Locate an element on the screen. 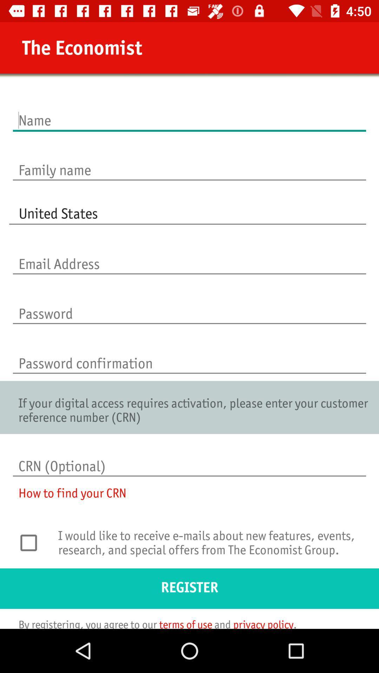 This screenshot has width=379, height=673. icon below if your digital item is located at coordinates (189, 459).